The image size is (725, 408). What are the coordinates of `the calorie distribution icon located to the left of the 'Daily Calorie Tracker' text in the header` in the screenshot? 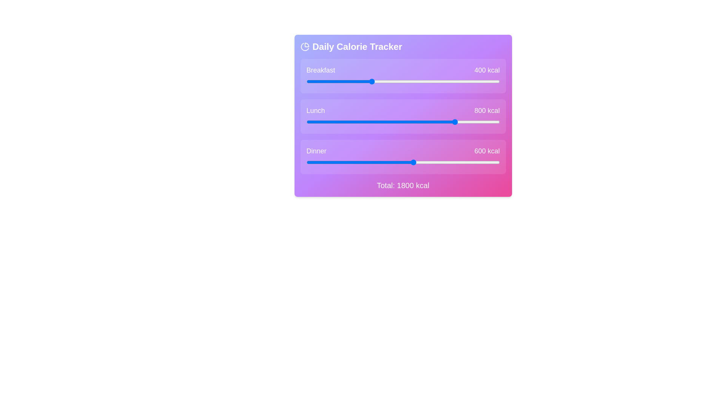 It's located at (305, 46).